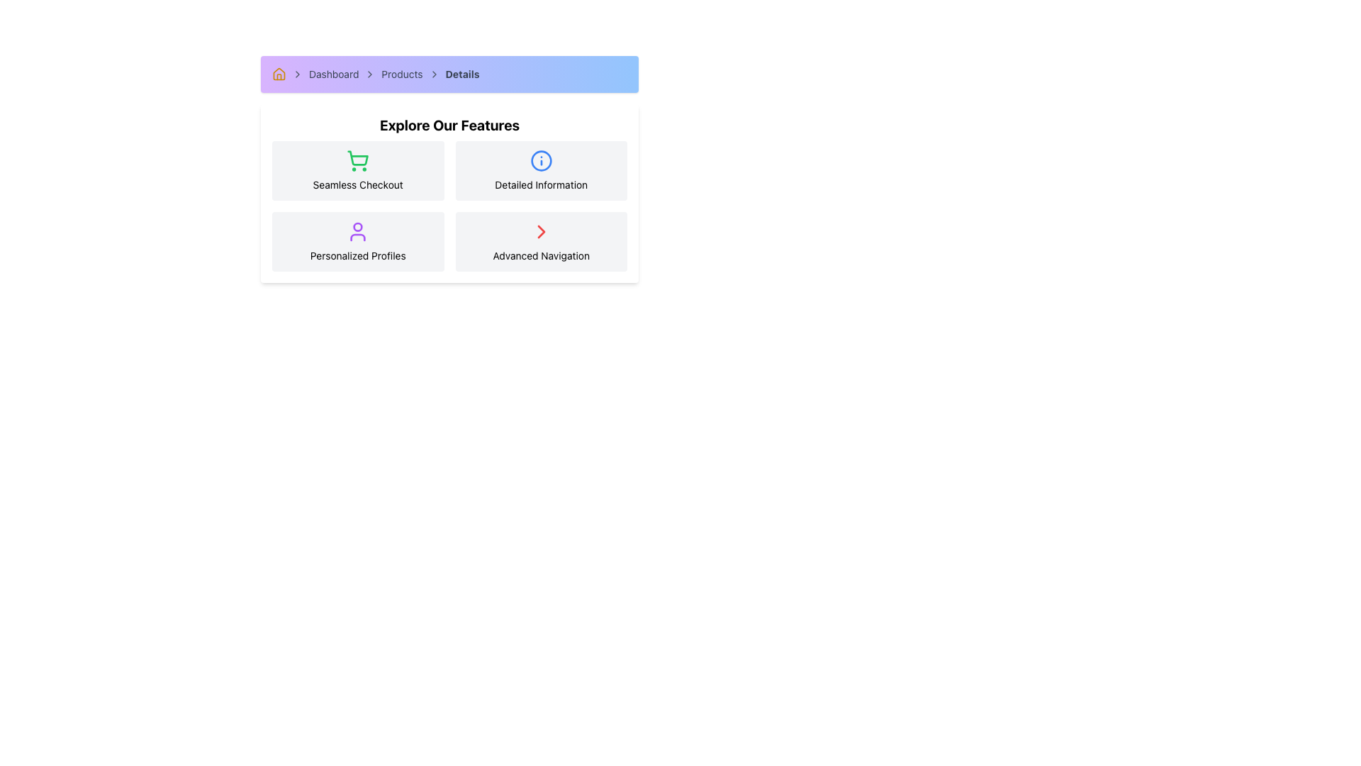 The width and height of the screenshot is (1361, 766). I want to click on the chevron icon that visually separates the breadcrumb items between 'Dashboard' and 'Products' in the breadcrumb navigation bar, so click(297, 74).